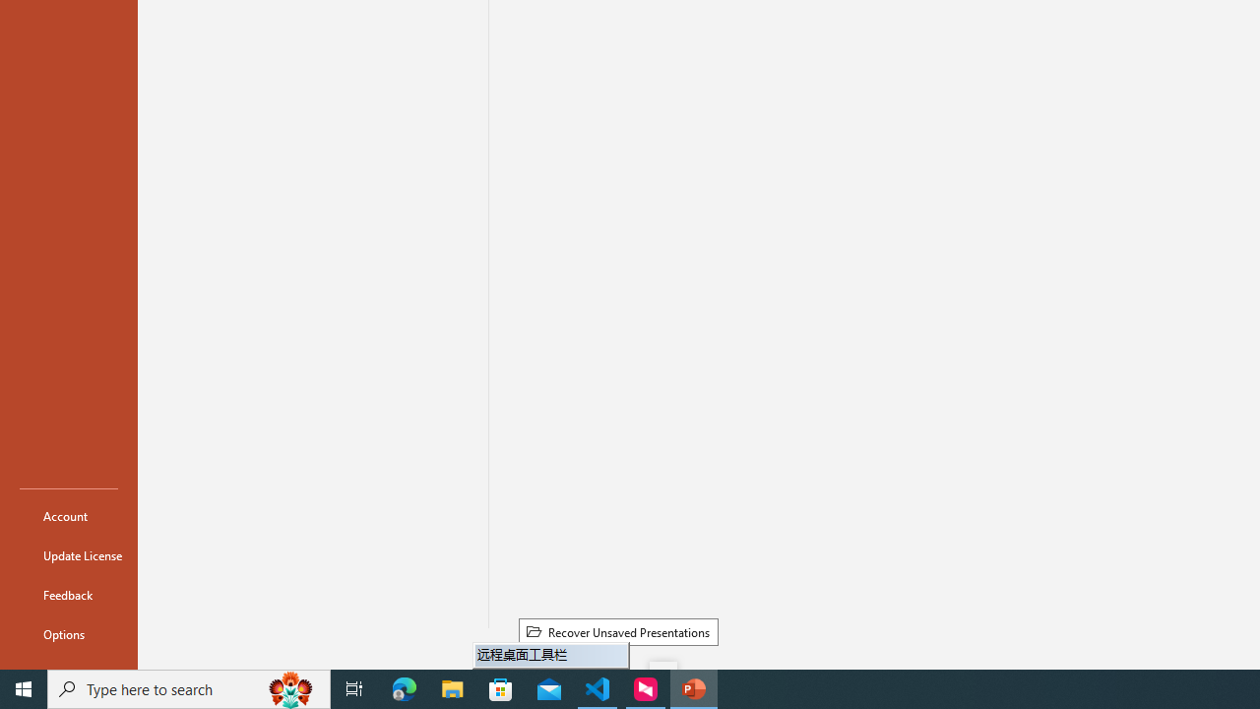 This screenshot has height=709, width=1260. Describe the element at coordinates (68, 594) in the screenshot. I see `'Feedback'` at that location.